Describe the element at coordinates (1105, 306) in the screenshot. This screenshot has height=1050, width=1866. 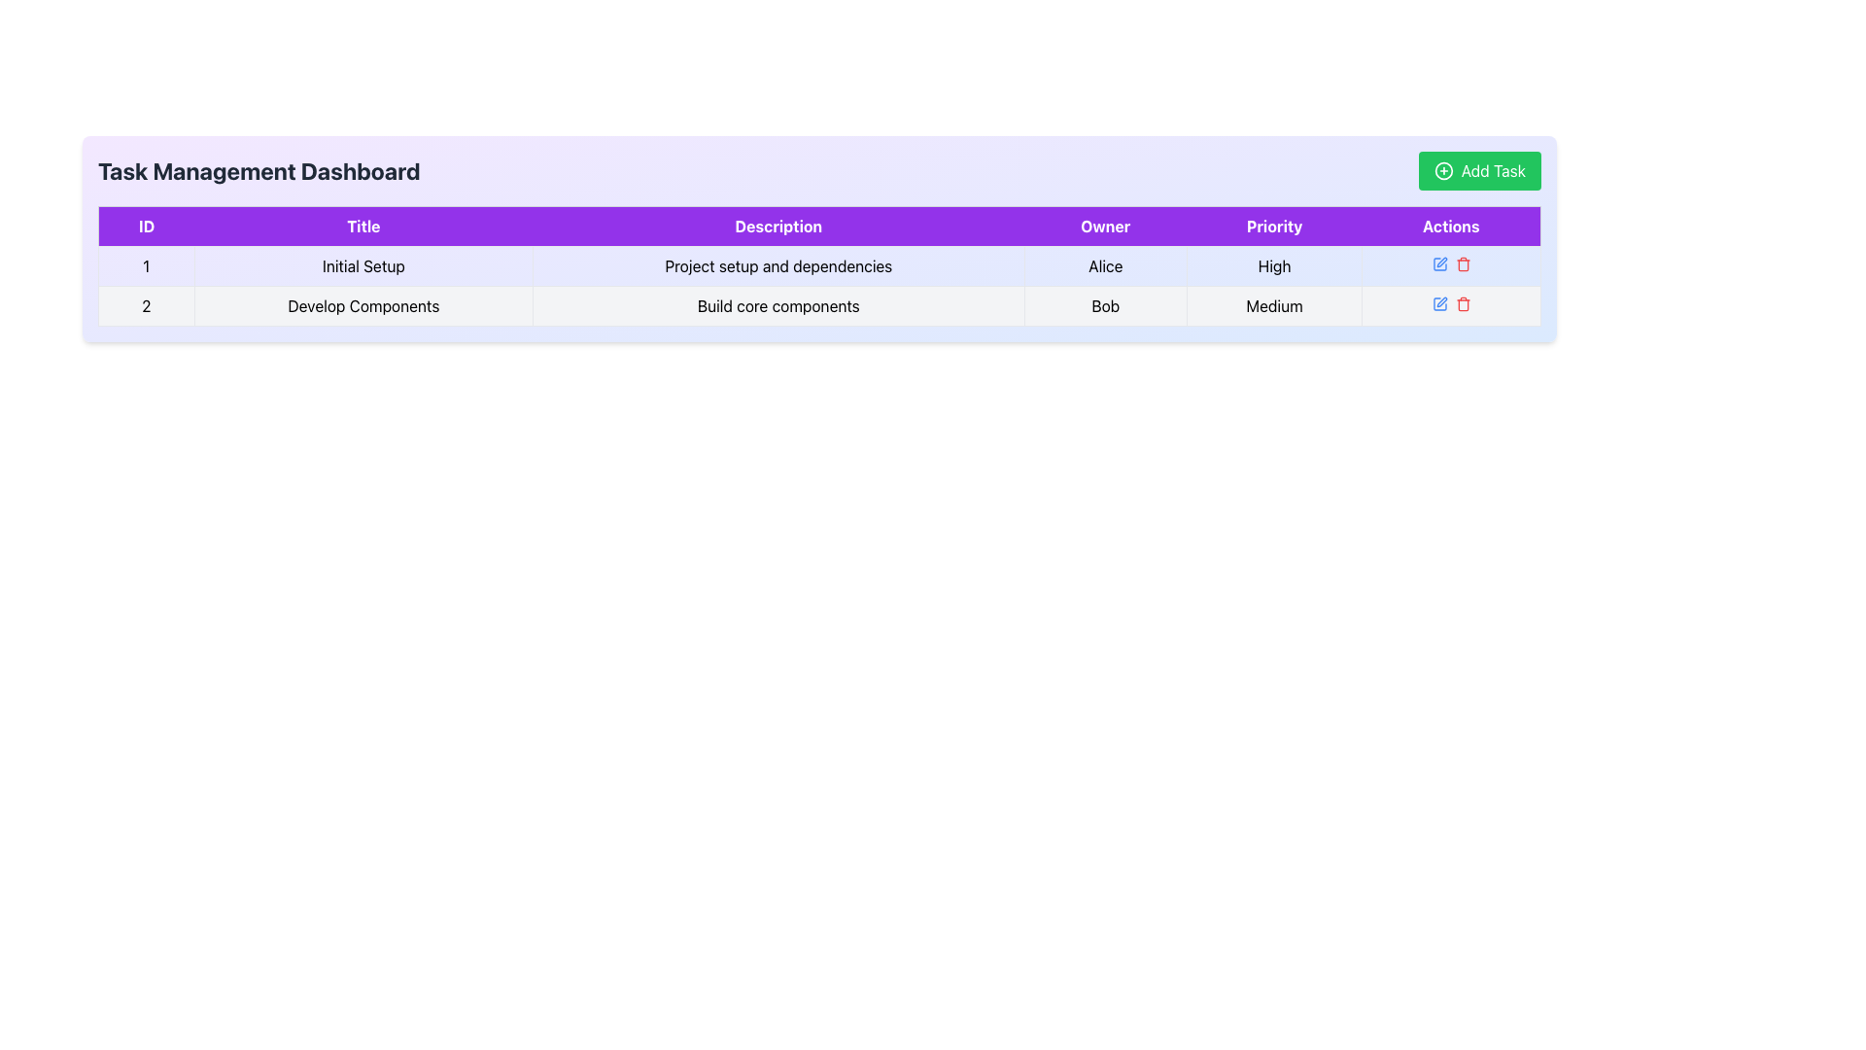
I see `the text cell` at that location.